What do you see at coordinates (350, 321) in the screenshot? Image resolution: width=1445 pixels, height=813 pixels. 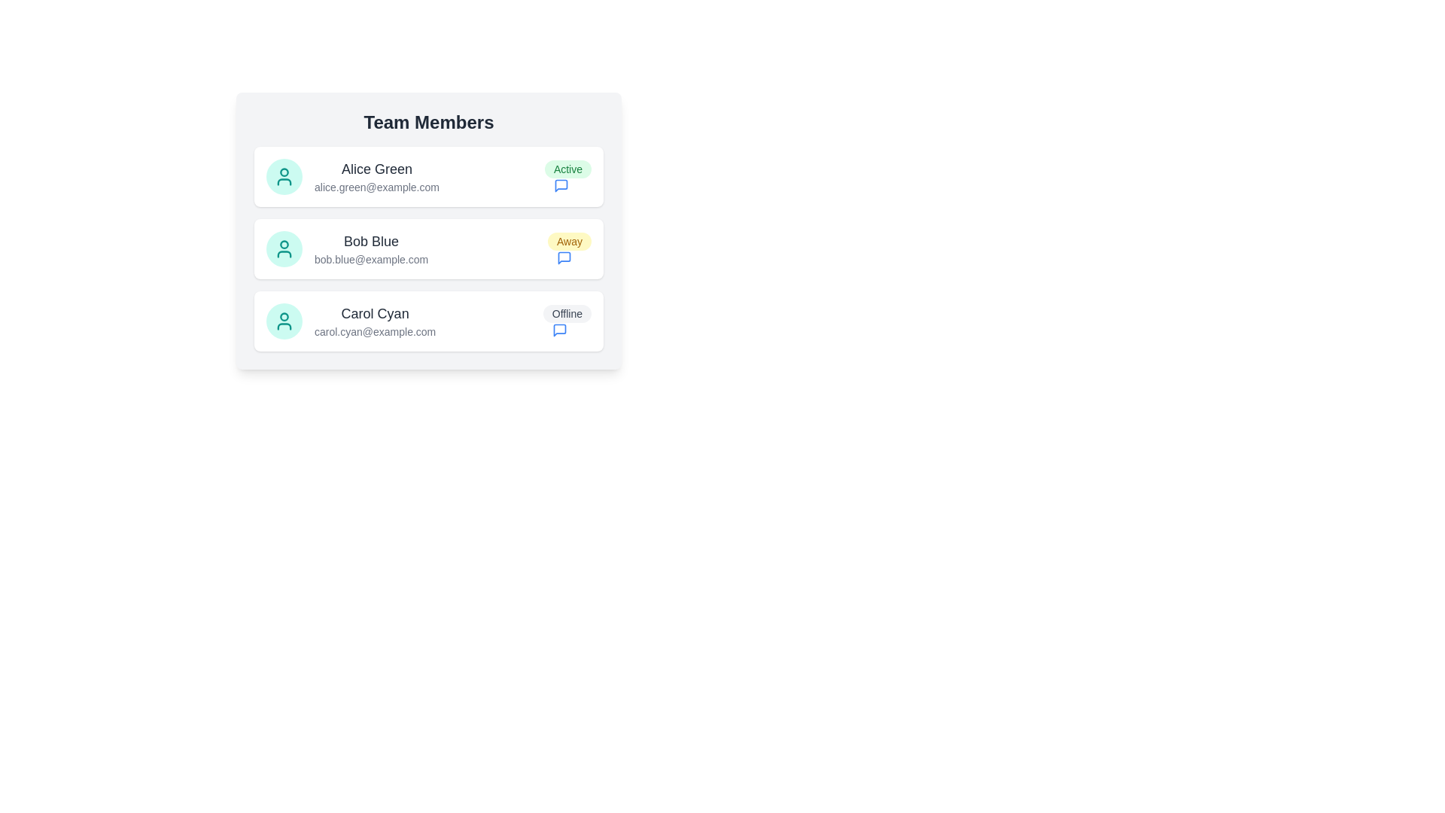 I see `the user entry displaying the profile details of Carol Cyan` at bounding box center [350, 321].